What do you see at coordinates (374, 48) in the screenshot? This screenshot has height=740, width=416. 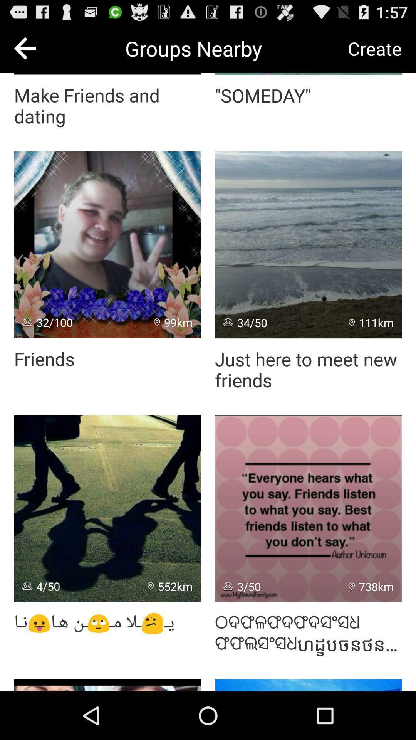 I see `the button on the top right corner of the web page` at bounding box center [374, 48].